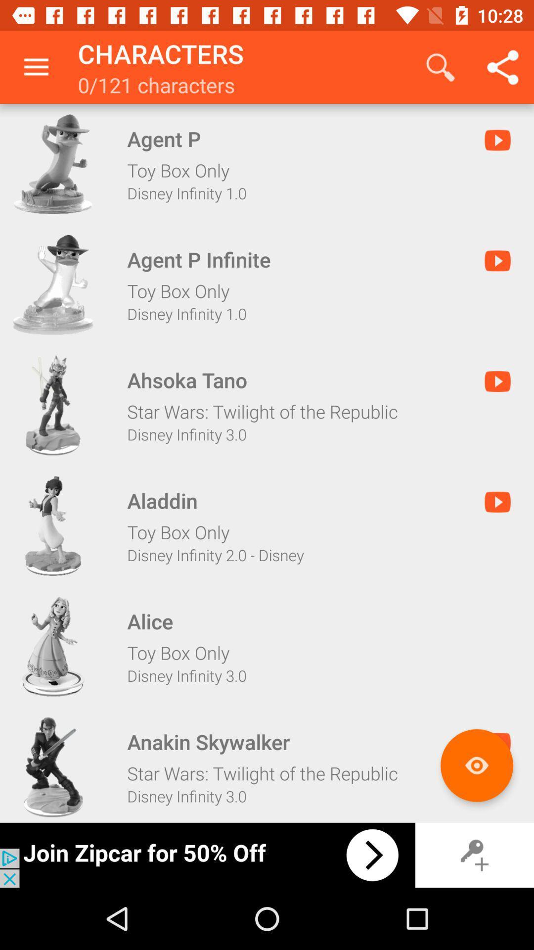  I want to click on click advertisement, so click(207, 855).